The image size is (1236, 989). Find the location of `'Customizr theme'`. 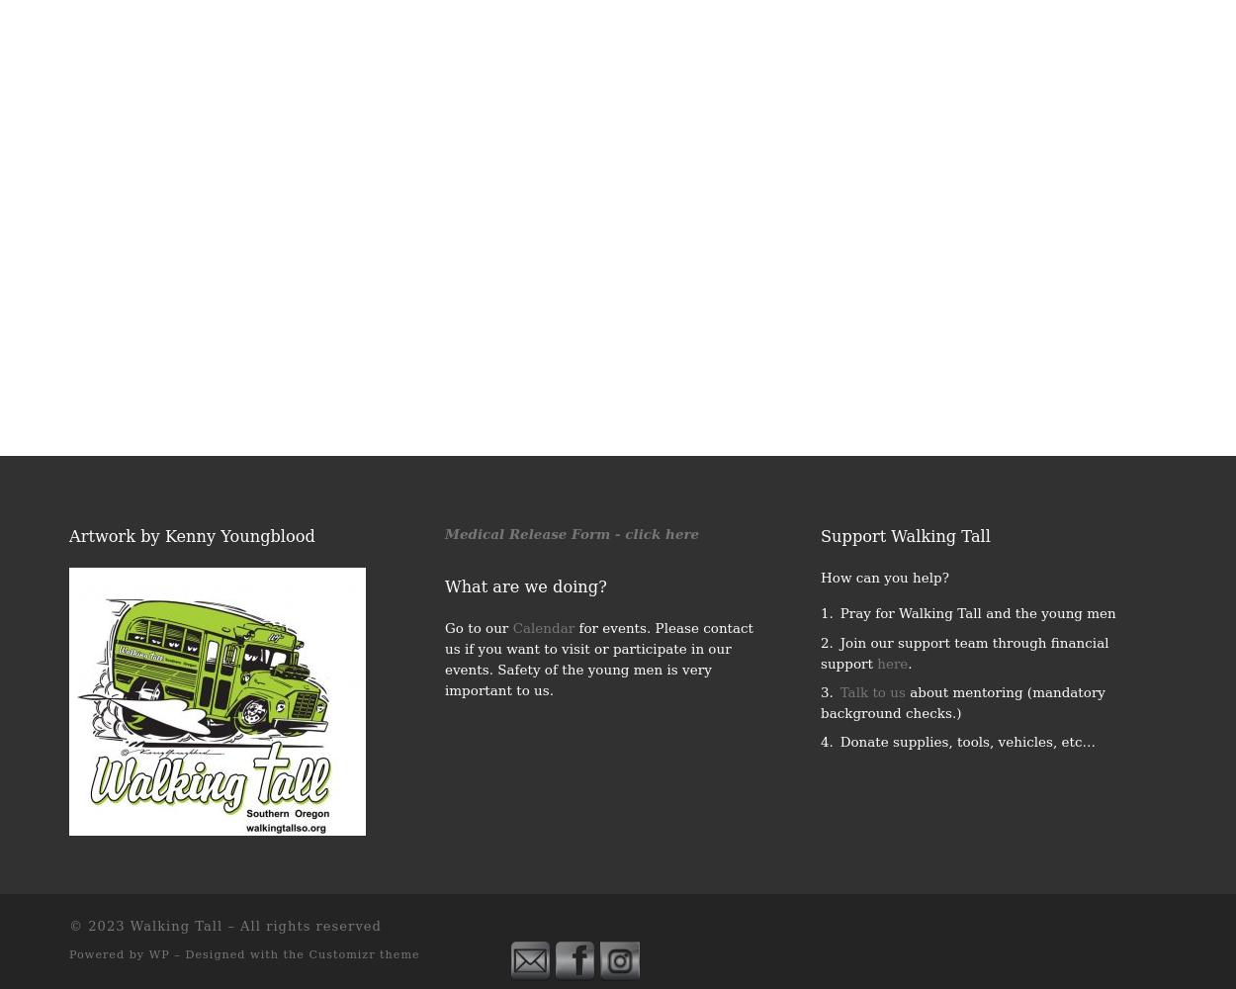

'Customizr theme' is located at coordinates (363, 952).